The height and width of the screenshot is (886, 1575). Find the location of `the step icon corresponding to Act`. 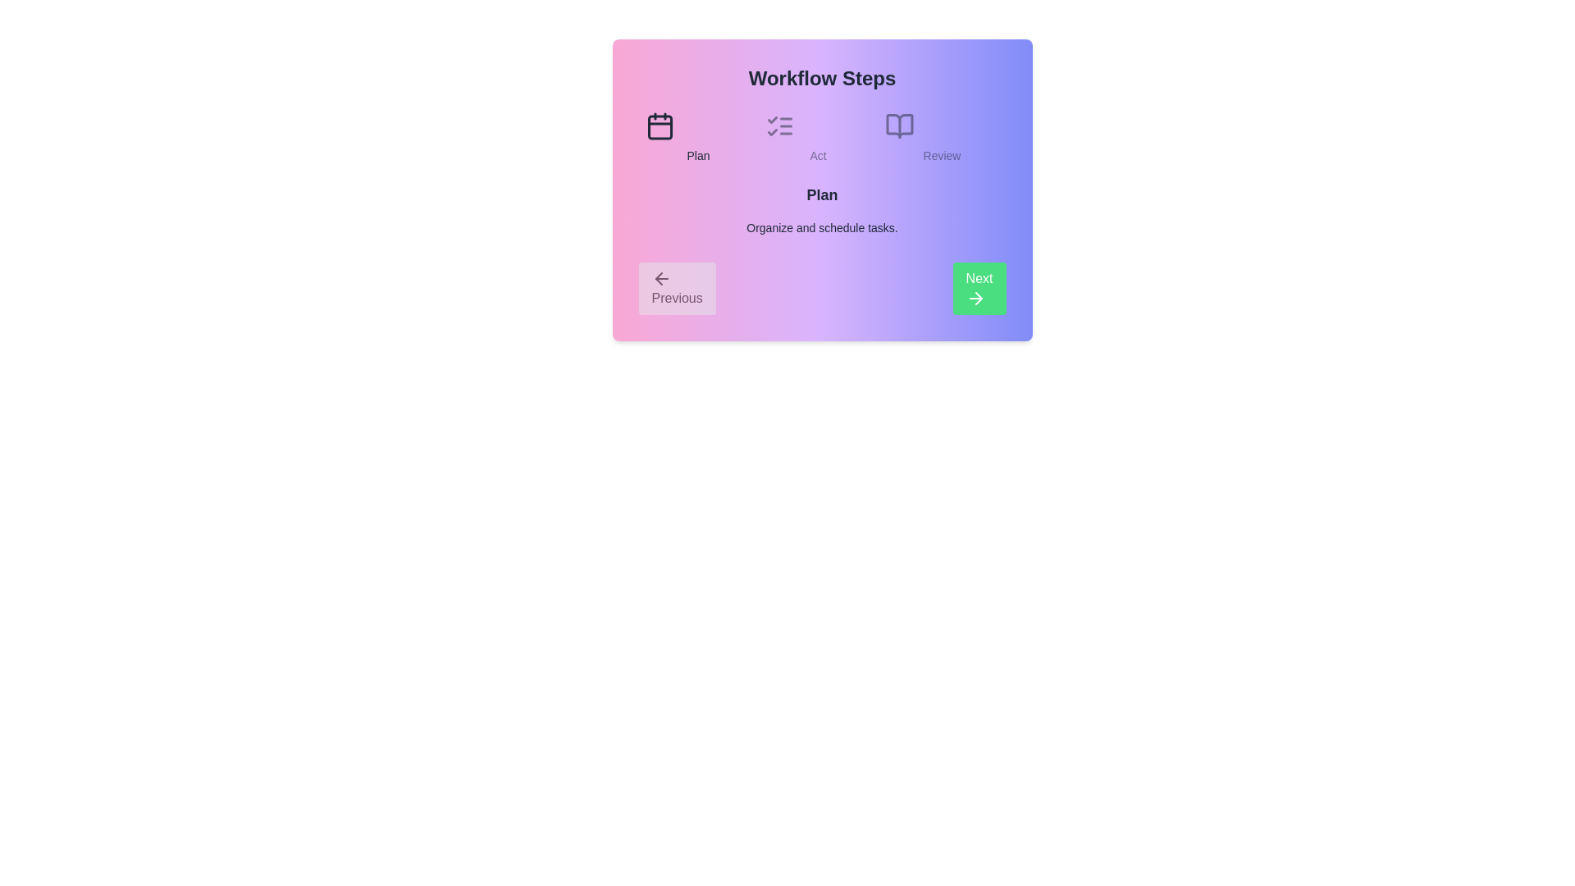

the step icon corresponding to Act is located at coordinates (778, 126).